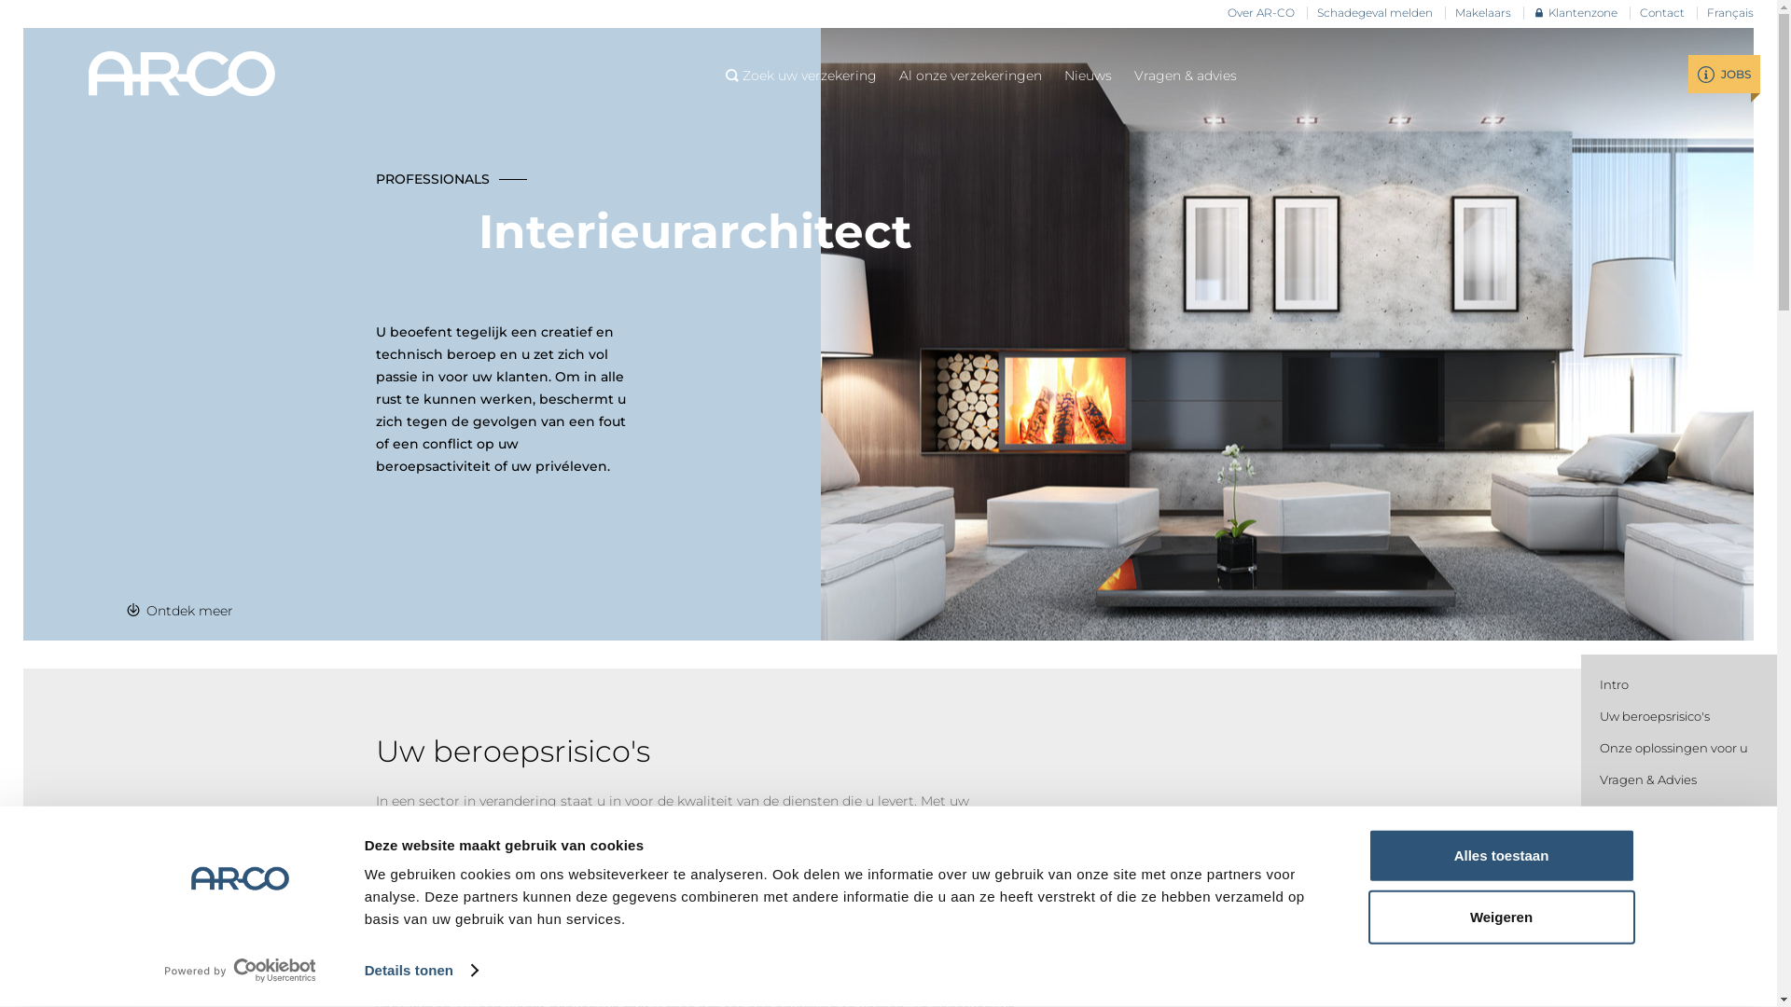  Describe the element at coordinates (1088, 75) in the screenshot. I see `'Nieuws'` at that location.